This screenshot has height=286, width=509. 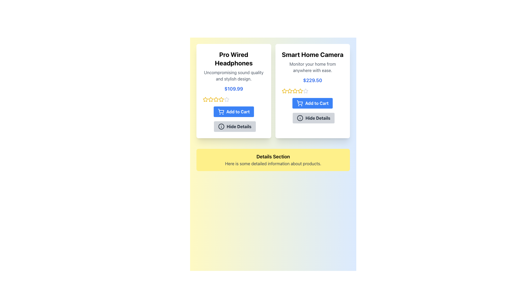 What do you see at coordinates (313, 103) in the screenshot?
I see `the 'Add to Cart' button, which is a rectangular button with rounded corners, vibrant blue background, and white text, located below the product description of the 'Smart Home Camera'` at bounding box center [313, 103].